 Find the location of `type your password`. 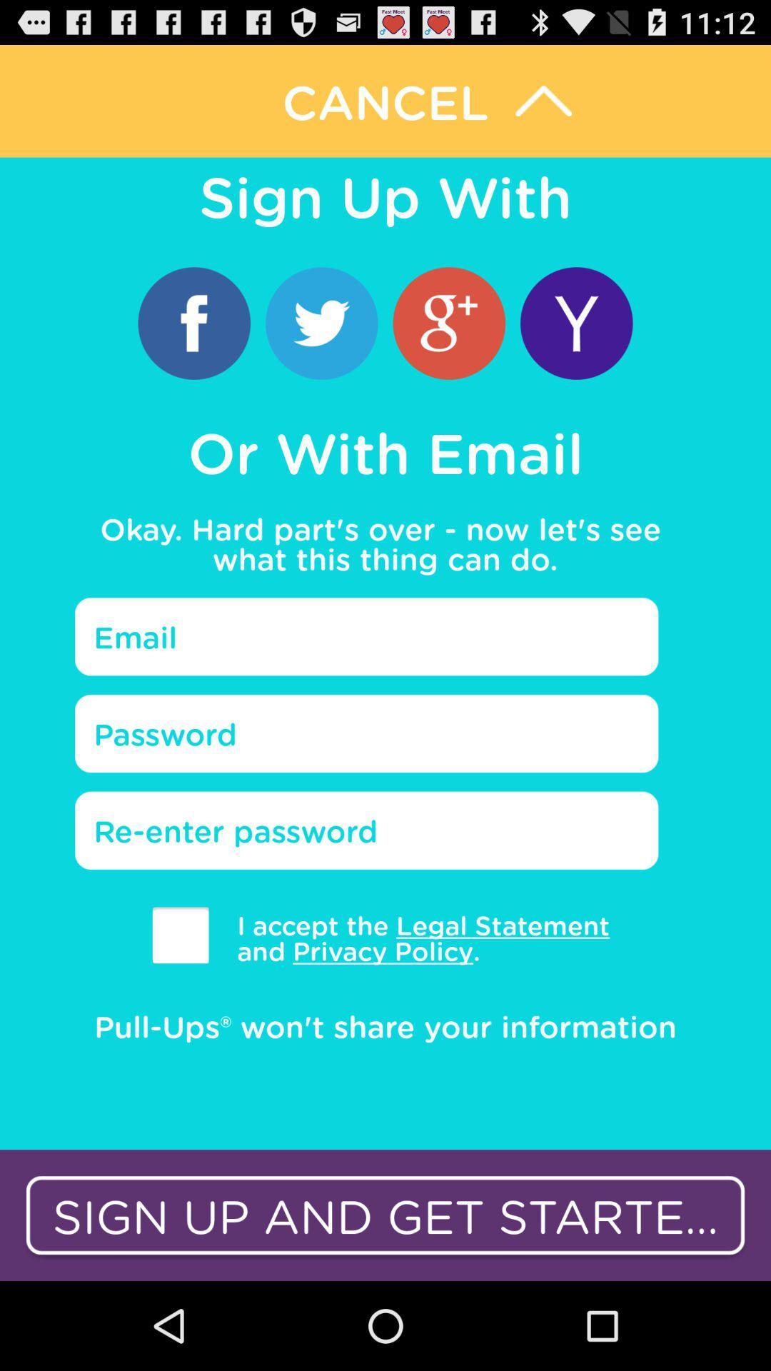

type your password is located at coordinates (366, 733).